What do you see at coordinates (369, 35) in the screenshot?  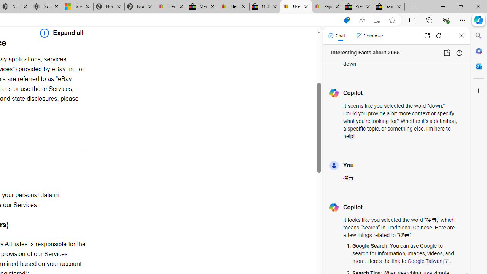 I see `'Compose'` at bounding box center [369, 35].